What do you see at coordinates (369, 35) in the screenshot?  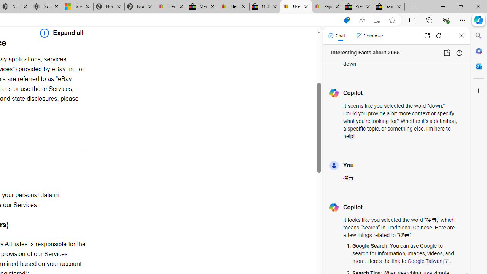 I see `'Compose'` at bounding box center [369, 35].